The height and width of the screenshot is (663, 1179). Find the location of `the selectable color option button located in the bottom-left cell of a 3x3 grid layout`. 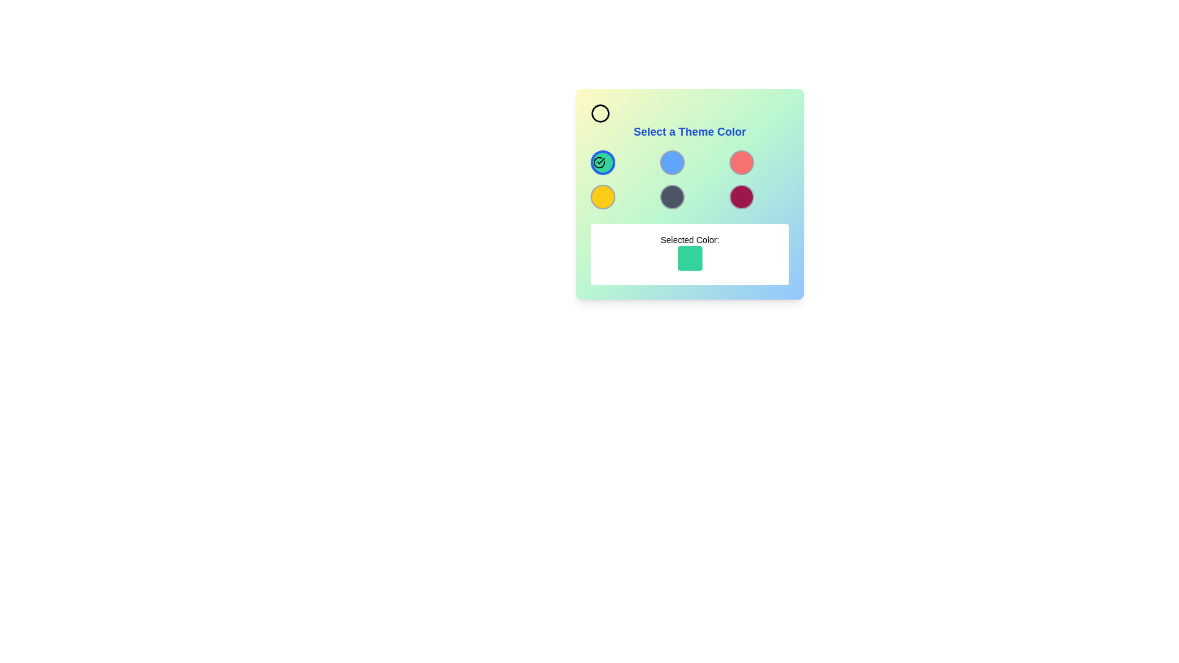

the selectable color option button located in the bottom-left cell of a 3x3 grid layout is located at coordinates (603, 196).